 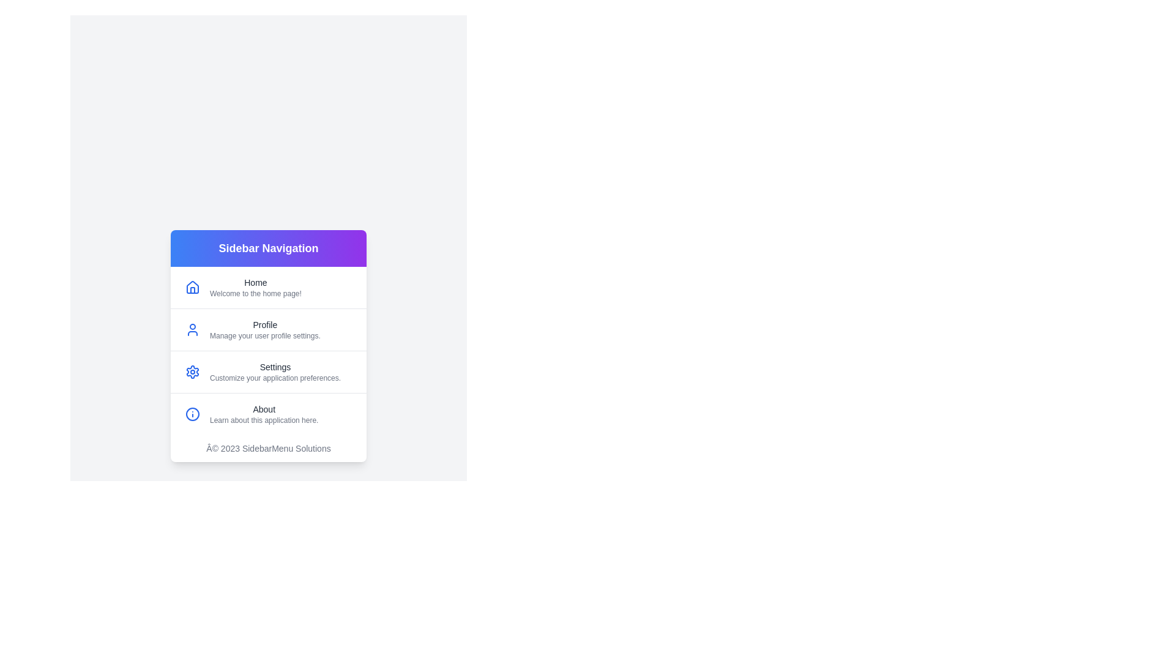 I want to click on the text content of the About section, so click(x=209, y=409).